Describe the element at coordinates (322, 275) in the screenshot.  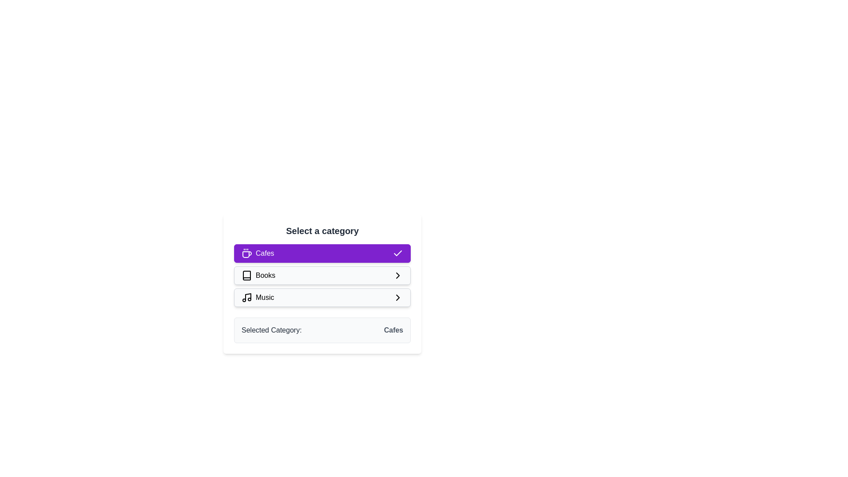
I see `the 'Books' category selection button` at that location.